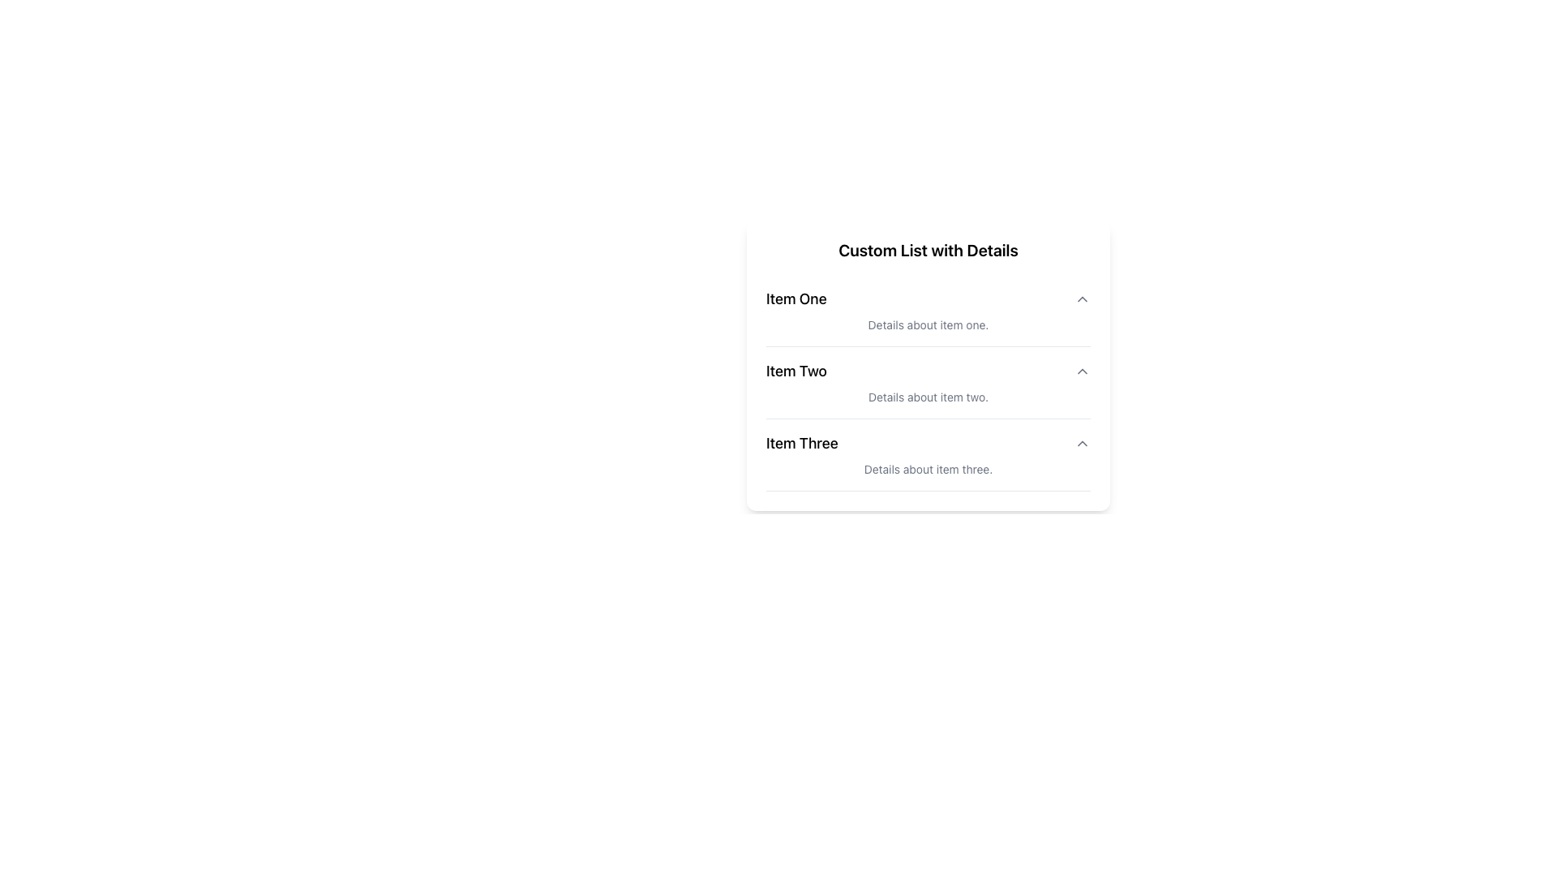 Image resolution: width=1557 pixels, height=876 pixels. What do you see at coordinates (796, 371) in the screenshot?
I see `text from the Text Label displaying 'Item Two', which is the second item in the vertical list labeled 'Custom List with Details'` at bounding box center [796, 371].